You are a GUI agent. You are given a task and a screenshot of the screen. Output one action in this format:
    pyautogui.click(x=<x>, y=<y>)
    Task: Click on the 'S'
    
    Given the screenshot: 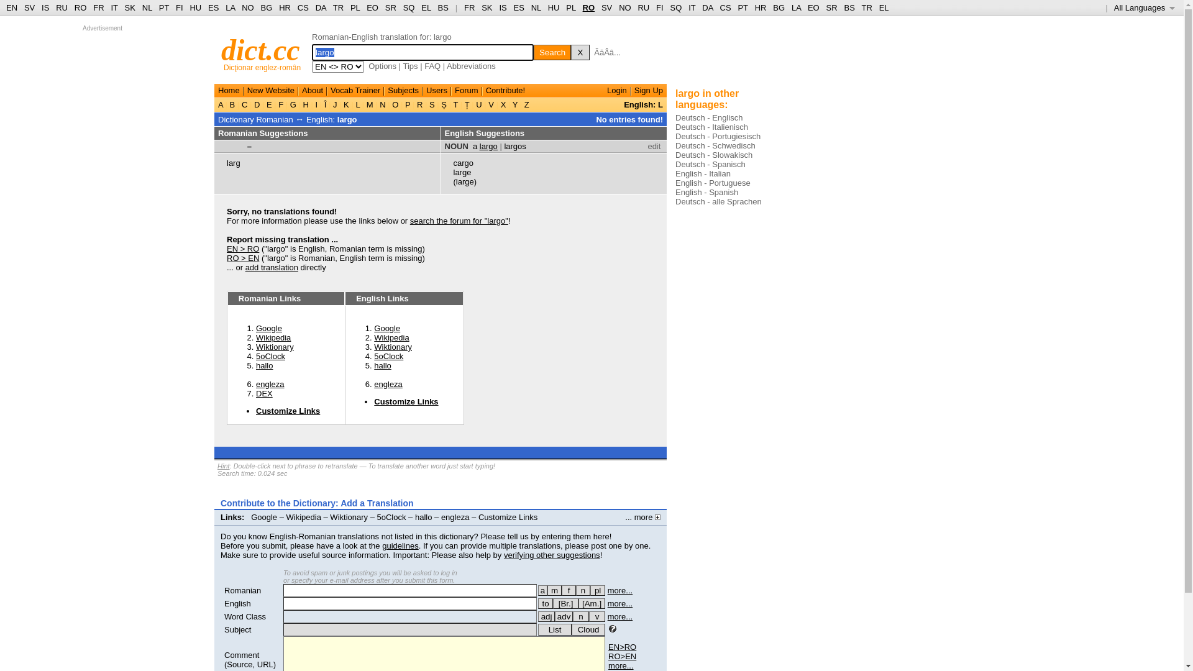 What is the action you would take?
    pyautogui.click(x=432, y=104)
    